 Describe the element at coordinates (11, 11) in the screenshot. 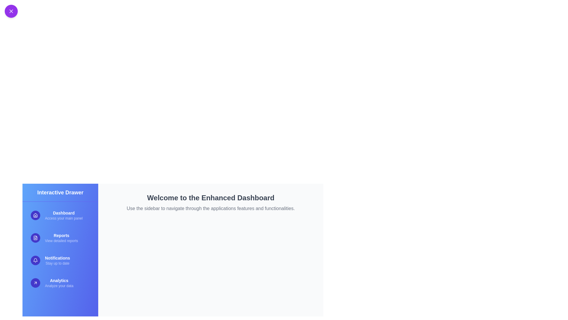

I see `the toggle button at the top-left corner to toggle the sidebar visibility` at that location.